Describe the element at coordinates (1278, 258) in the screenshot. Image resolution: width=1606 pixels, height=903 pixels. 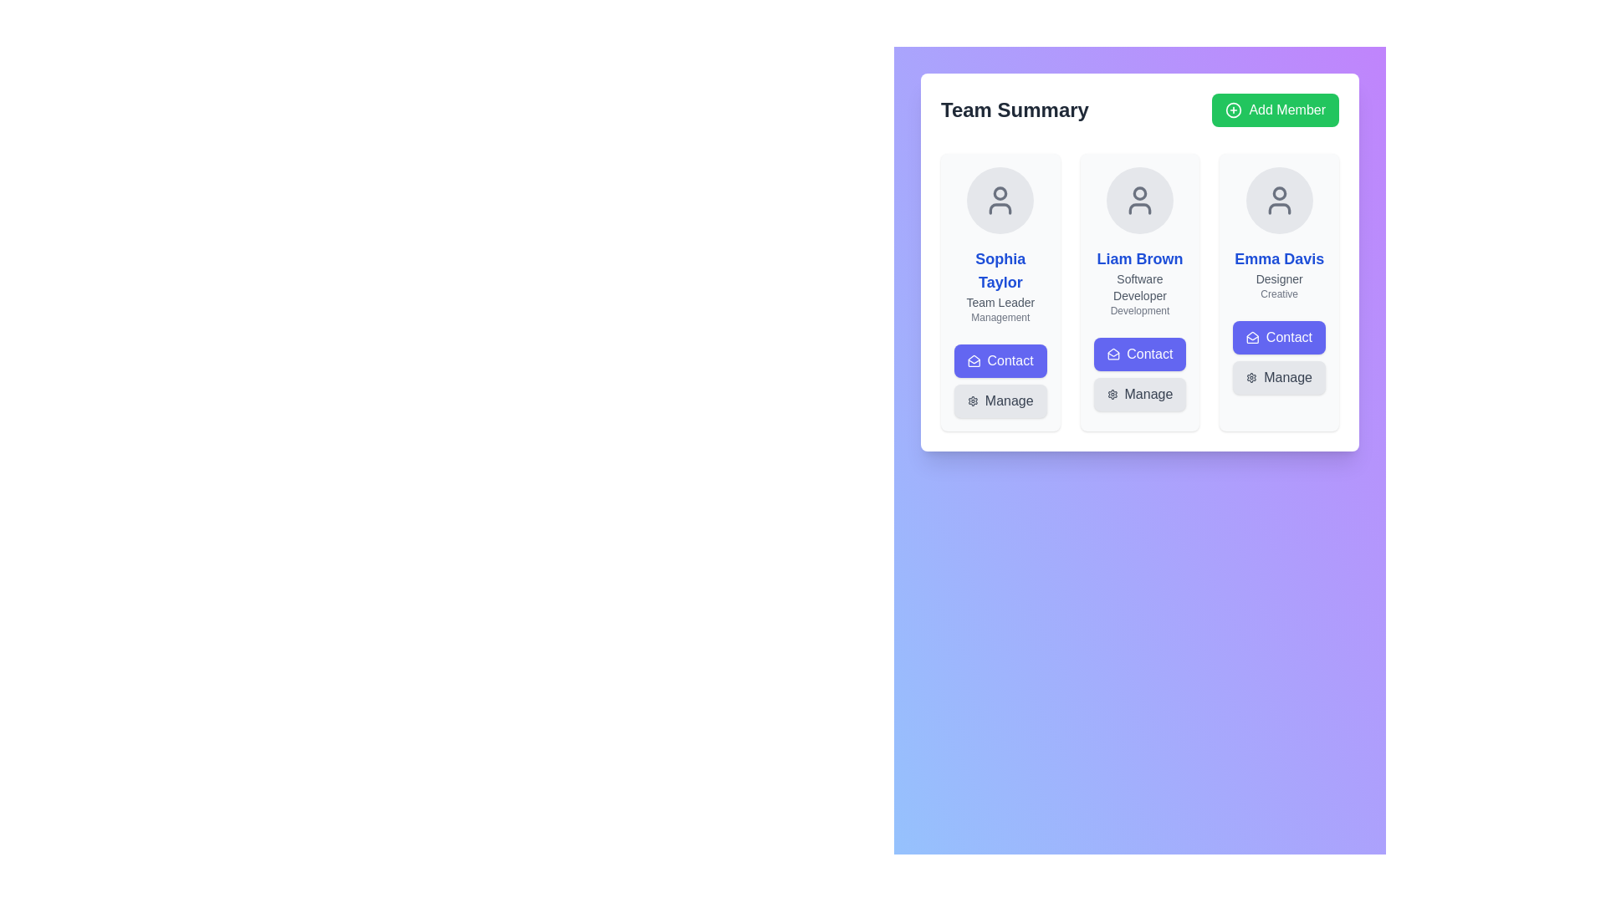
I see `the text element displaying 'Emma Davis', which is the first text element in the third card from the left, positioned below the avatar icon and above other descriptive text` at that location.